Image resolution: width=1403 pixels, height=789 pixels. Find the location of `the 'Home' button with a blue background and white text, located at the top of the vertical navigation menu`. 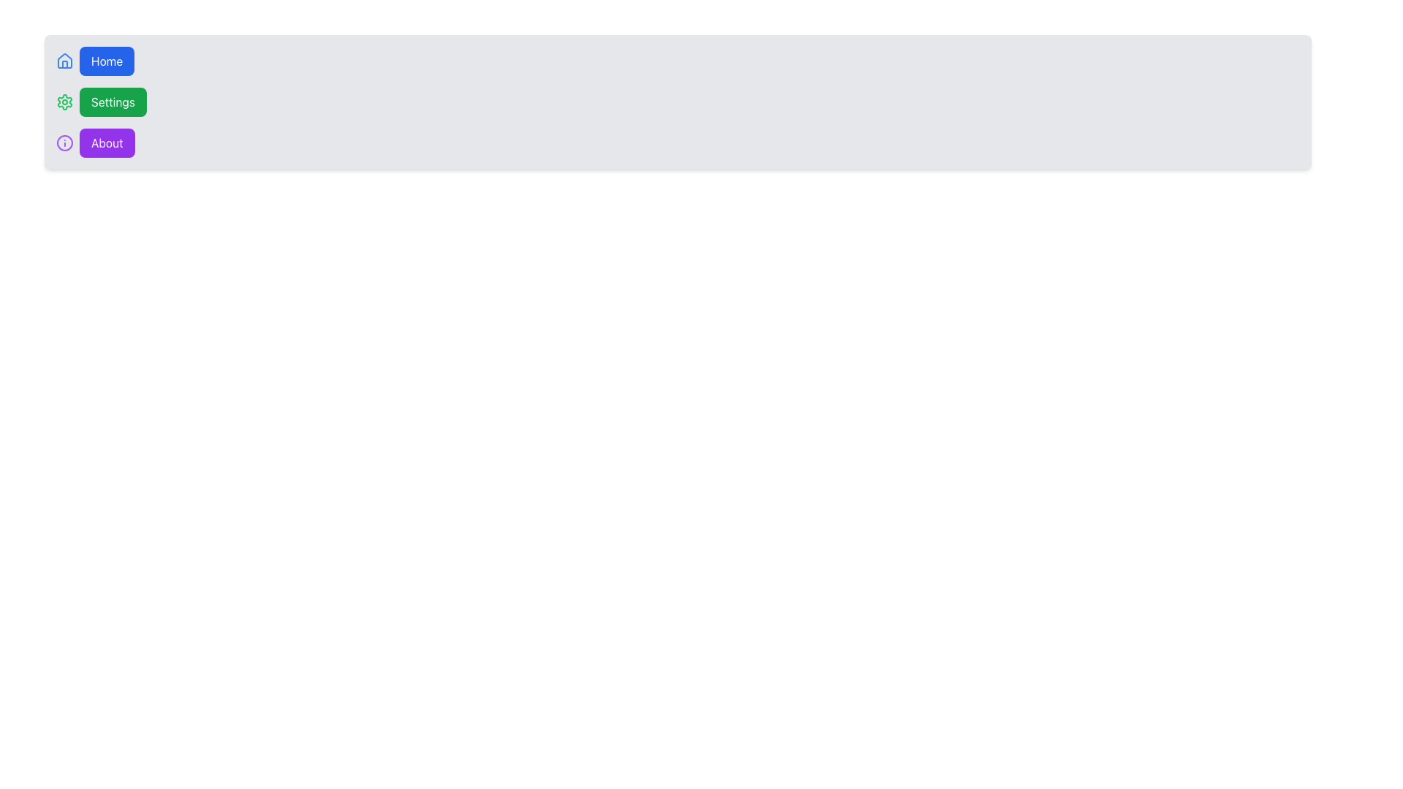

the 'Home' button with a blue background and white text, located at the top of the vertical navigation menu is located at coordinates (94, 61).